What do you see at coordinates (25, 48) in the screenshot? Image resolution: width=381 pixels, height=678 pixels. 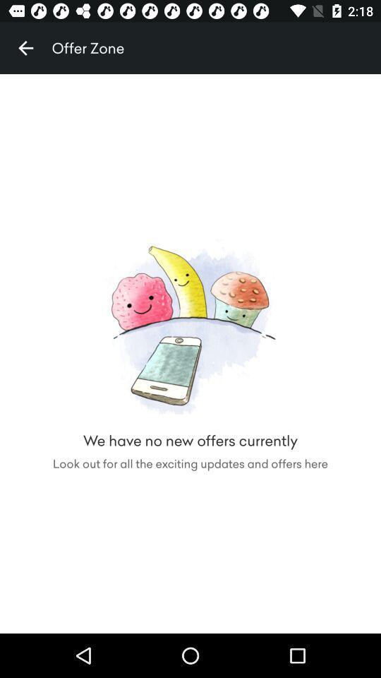 I see `the icon at the top left corner` at bounding box center [25, 48].